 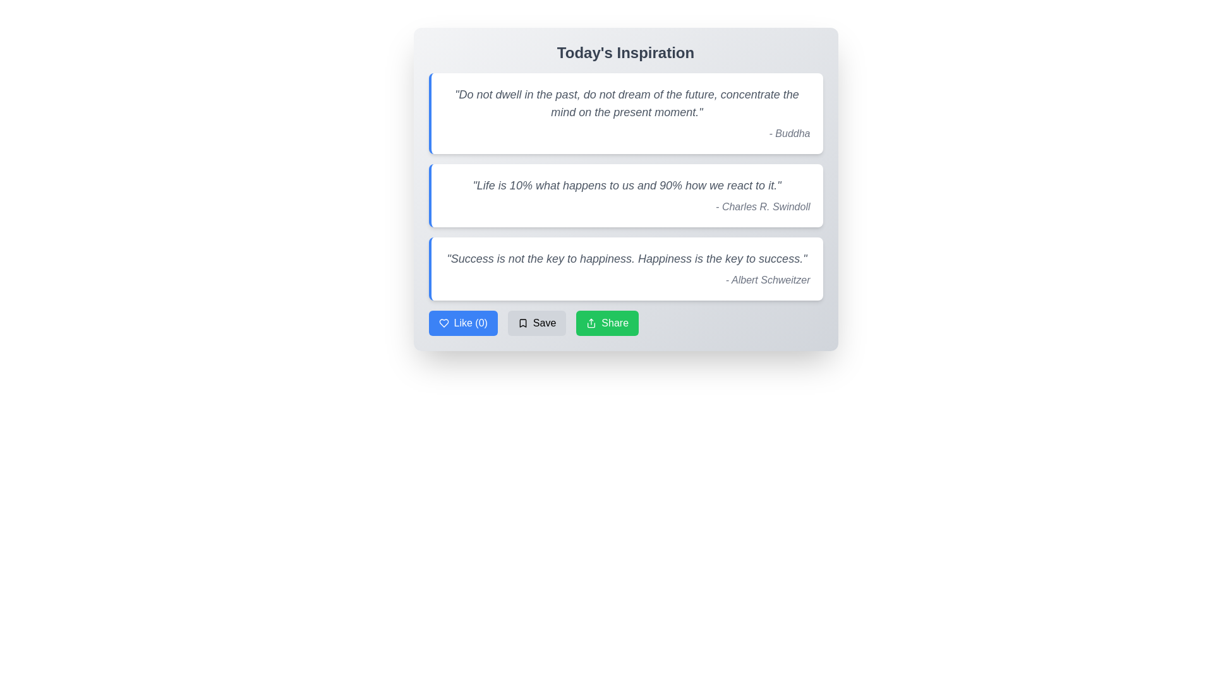 I want to click on the second motivational quote block, which is located between the quotes by Buddha and Albert Schweitzer, so click(x=625, y=195).